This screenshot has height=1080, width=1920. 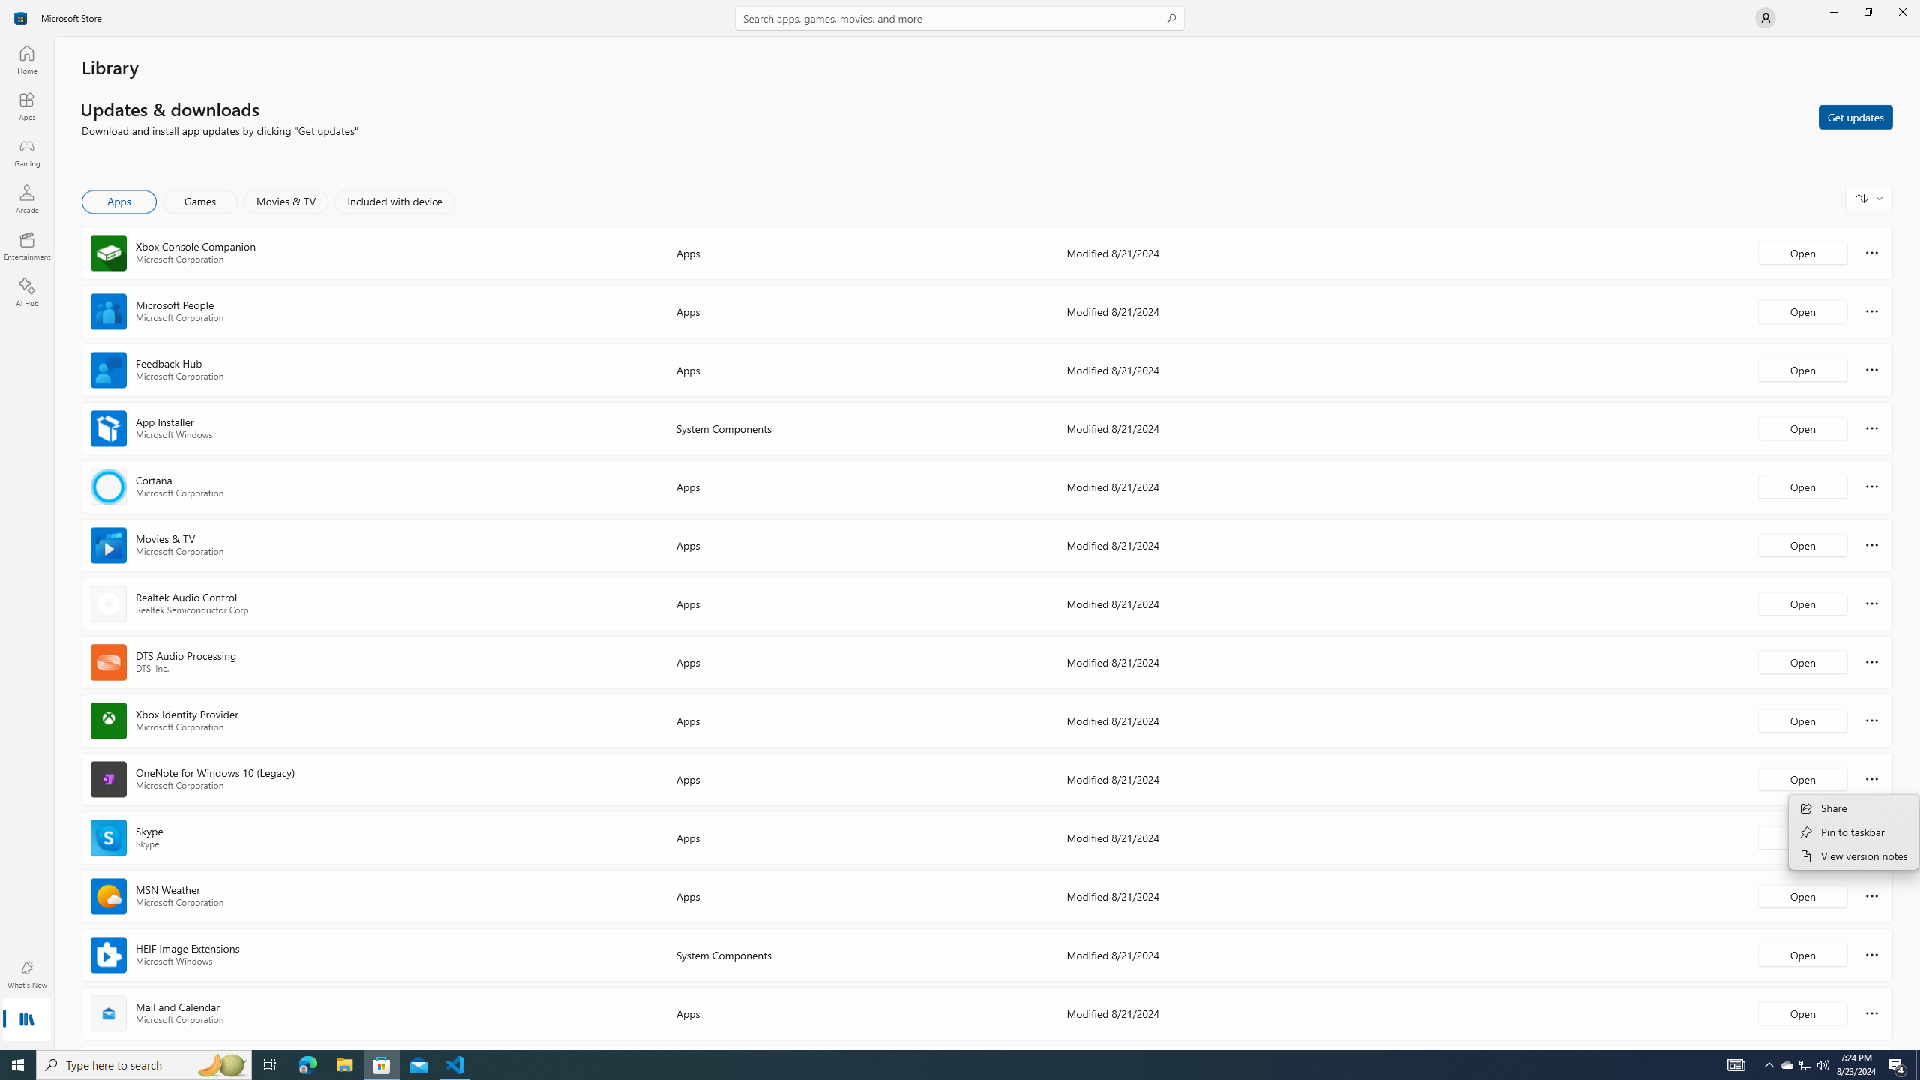 I want to click on 'Close Microsoft Store', so click(x=1901, y=11).